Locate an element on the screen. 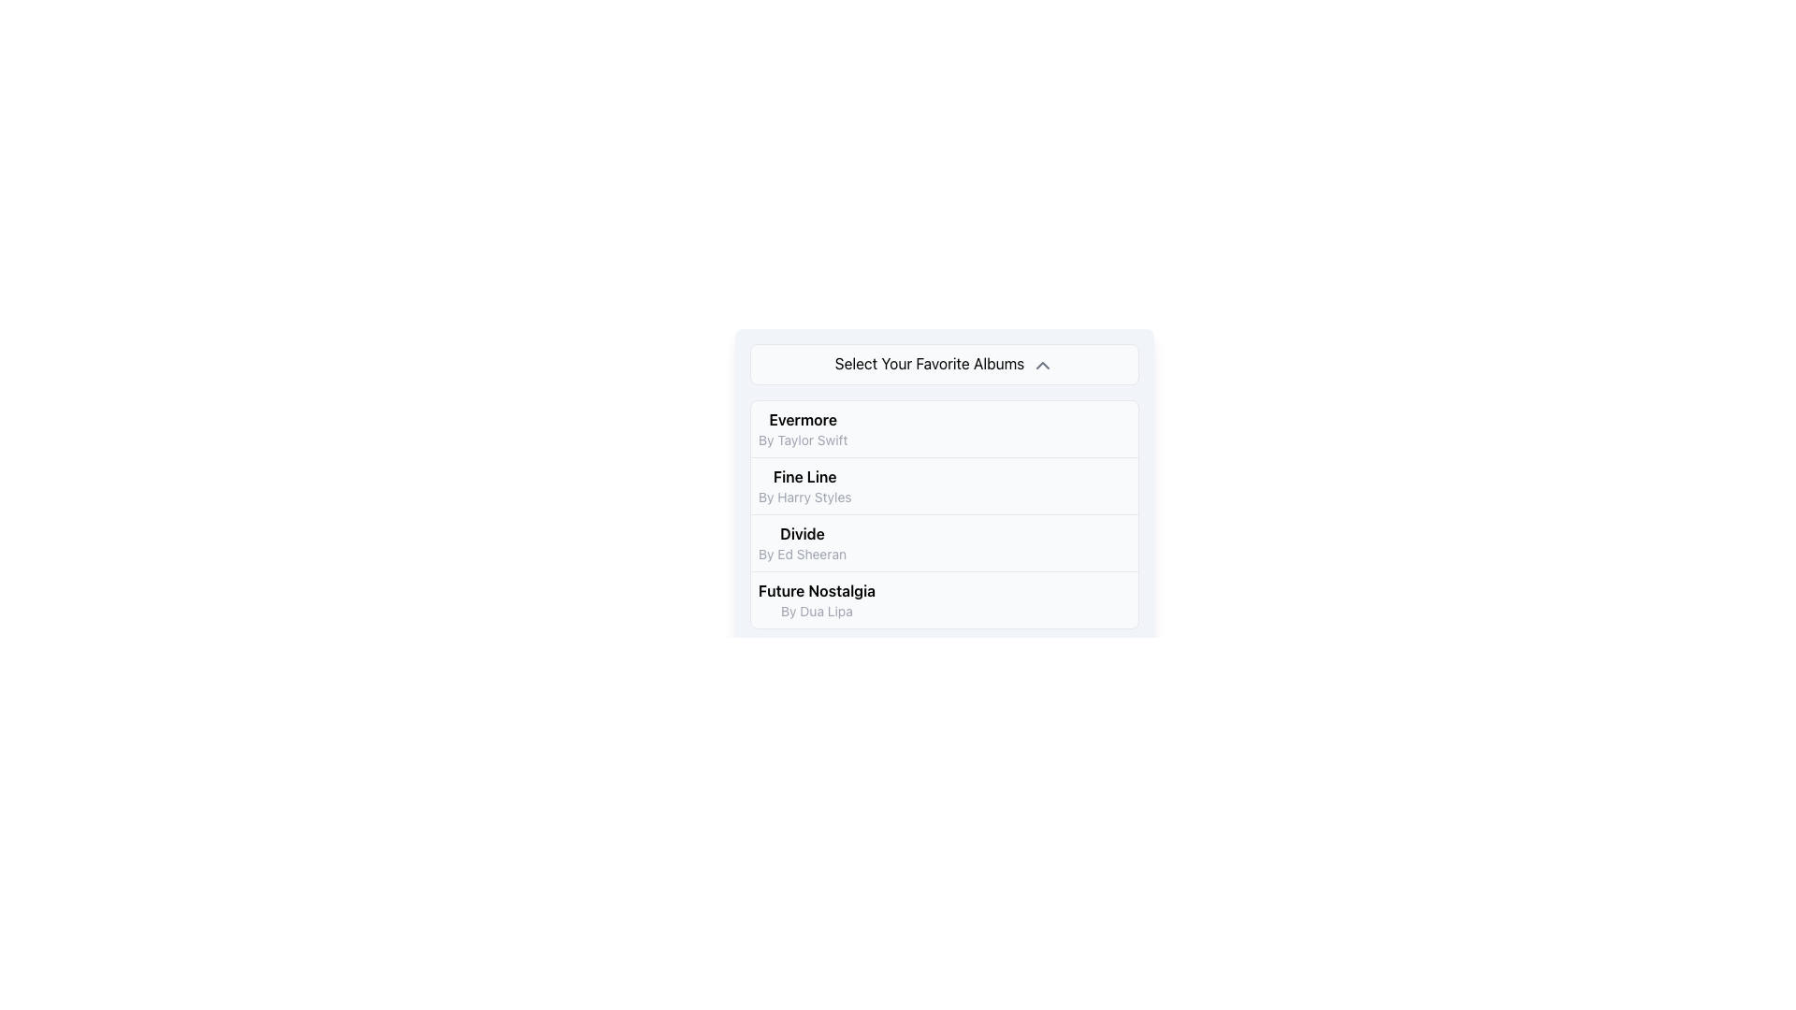  the selectable list item representing the album 'Fine Line' by Harry Styles is located at coordinates (944, 484).